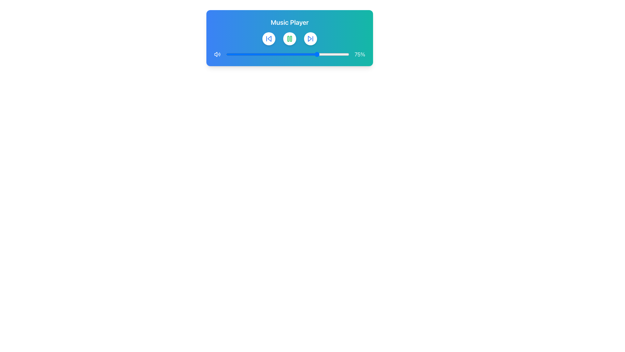  Describe the element at coordinates (287, 54) in the screenshot. I see `the thumb of the horizontal slider, which is currently set at approximately 75` at that location.